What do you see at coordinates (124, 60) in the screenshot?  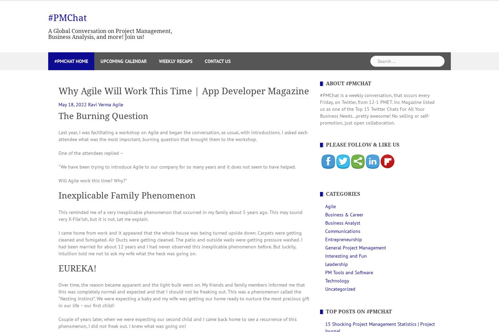 I see `'Upcoming Calendar'` at bounding box center [124, 60].